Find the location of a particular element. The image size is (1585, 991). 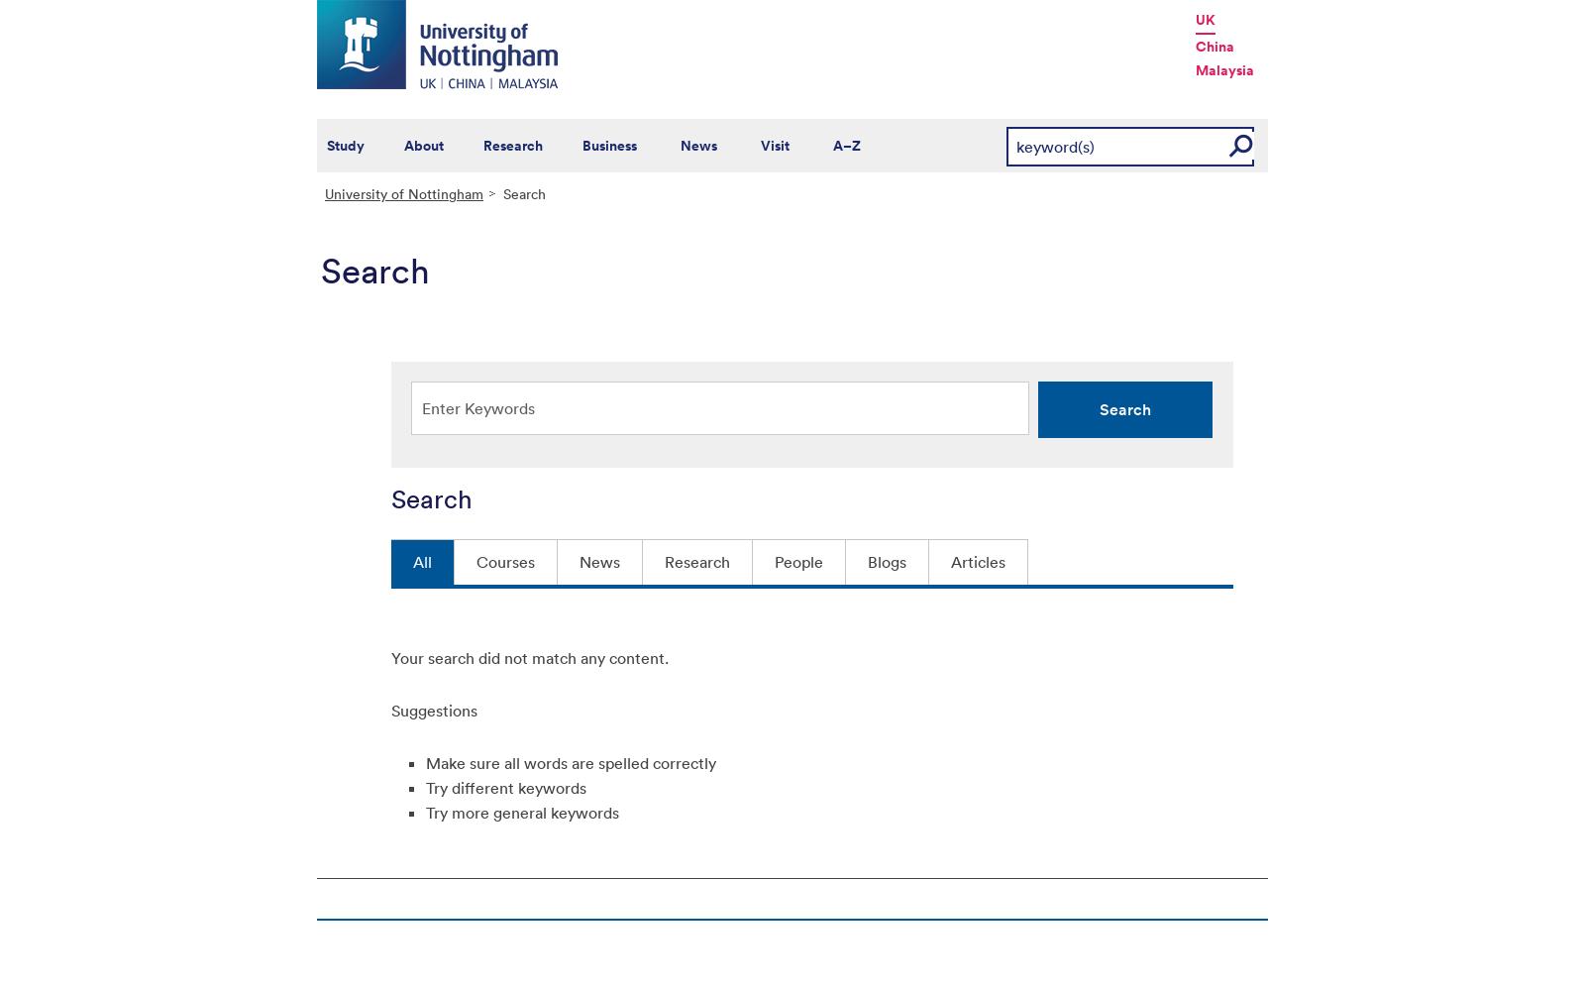

'Business' is located at coordinates (609, 146).